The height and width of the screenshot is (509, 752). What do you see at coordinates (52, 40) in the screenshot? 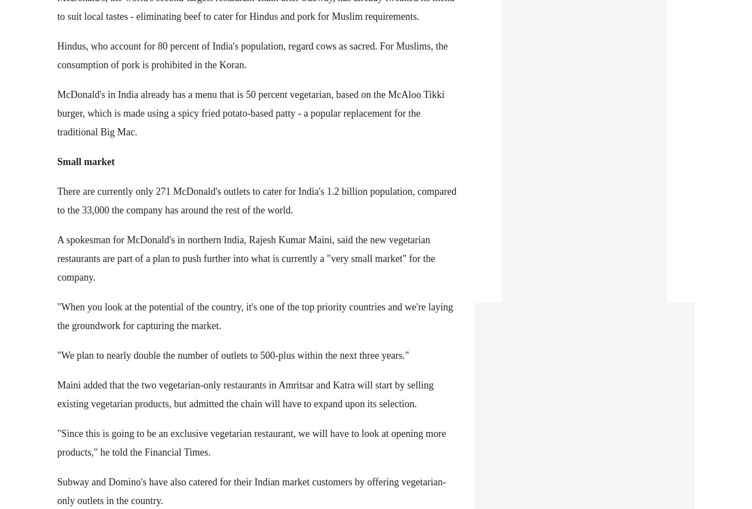
I see `'NOTICEBOARD'` at bounding box center [52, 40].